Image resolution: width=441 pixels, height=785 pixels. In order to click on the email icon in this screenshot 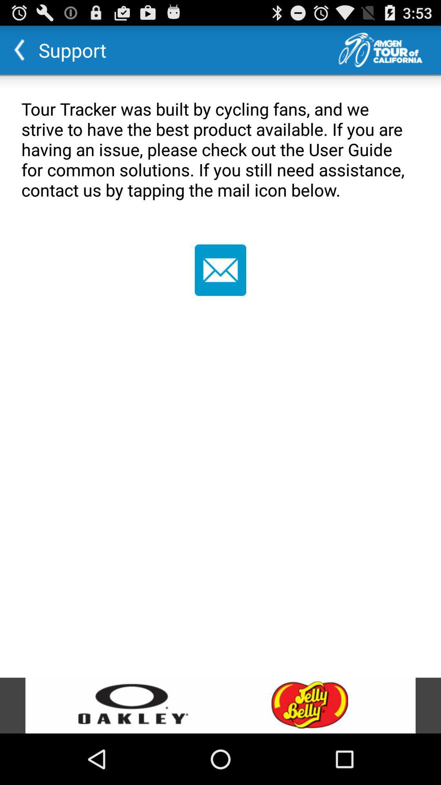, I will do `click(220, 289)`.